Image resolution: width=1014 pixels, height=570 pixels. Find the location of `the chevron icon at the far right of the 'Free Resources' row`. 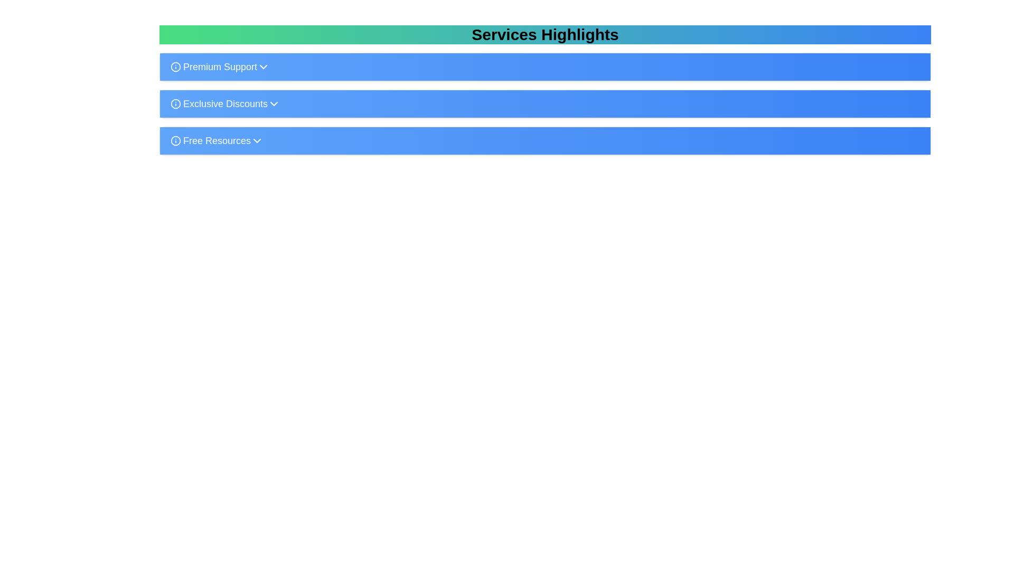

the chevron icon at the far right of the 'Free Resources' row is located at coordinates (257, 140).